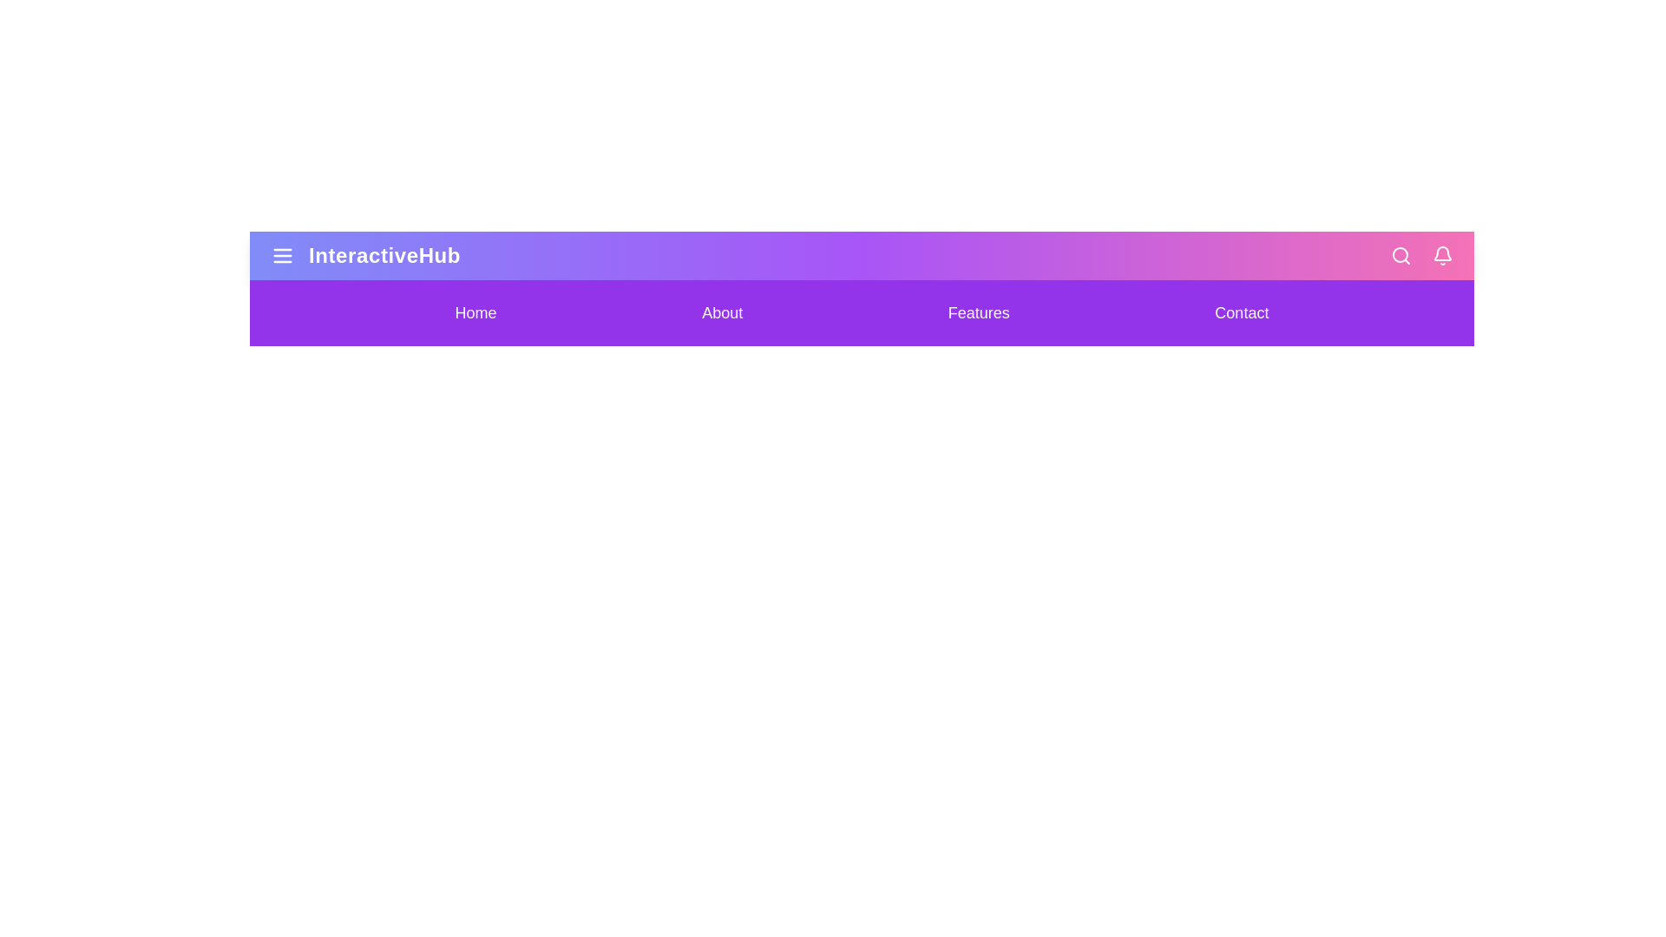  What do you see at coordinates (476, 313) in the screenshot?
I see `the navigation menu item Home` at bounding box center [476, 313].